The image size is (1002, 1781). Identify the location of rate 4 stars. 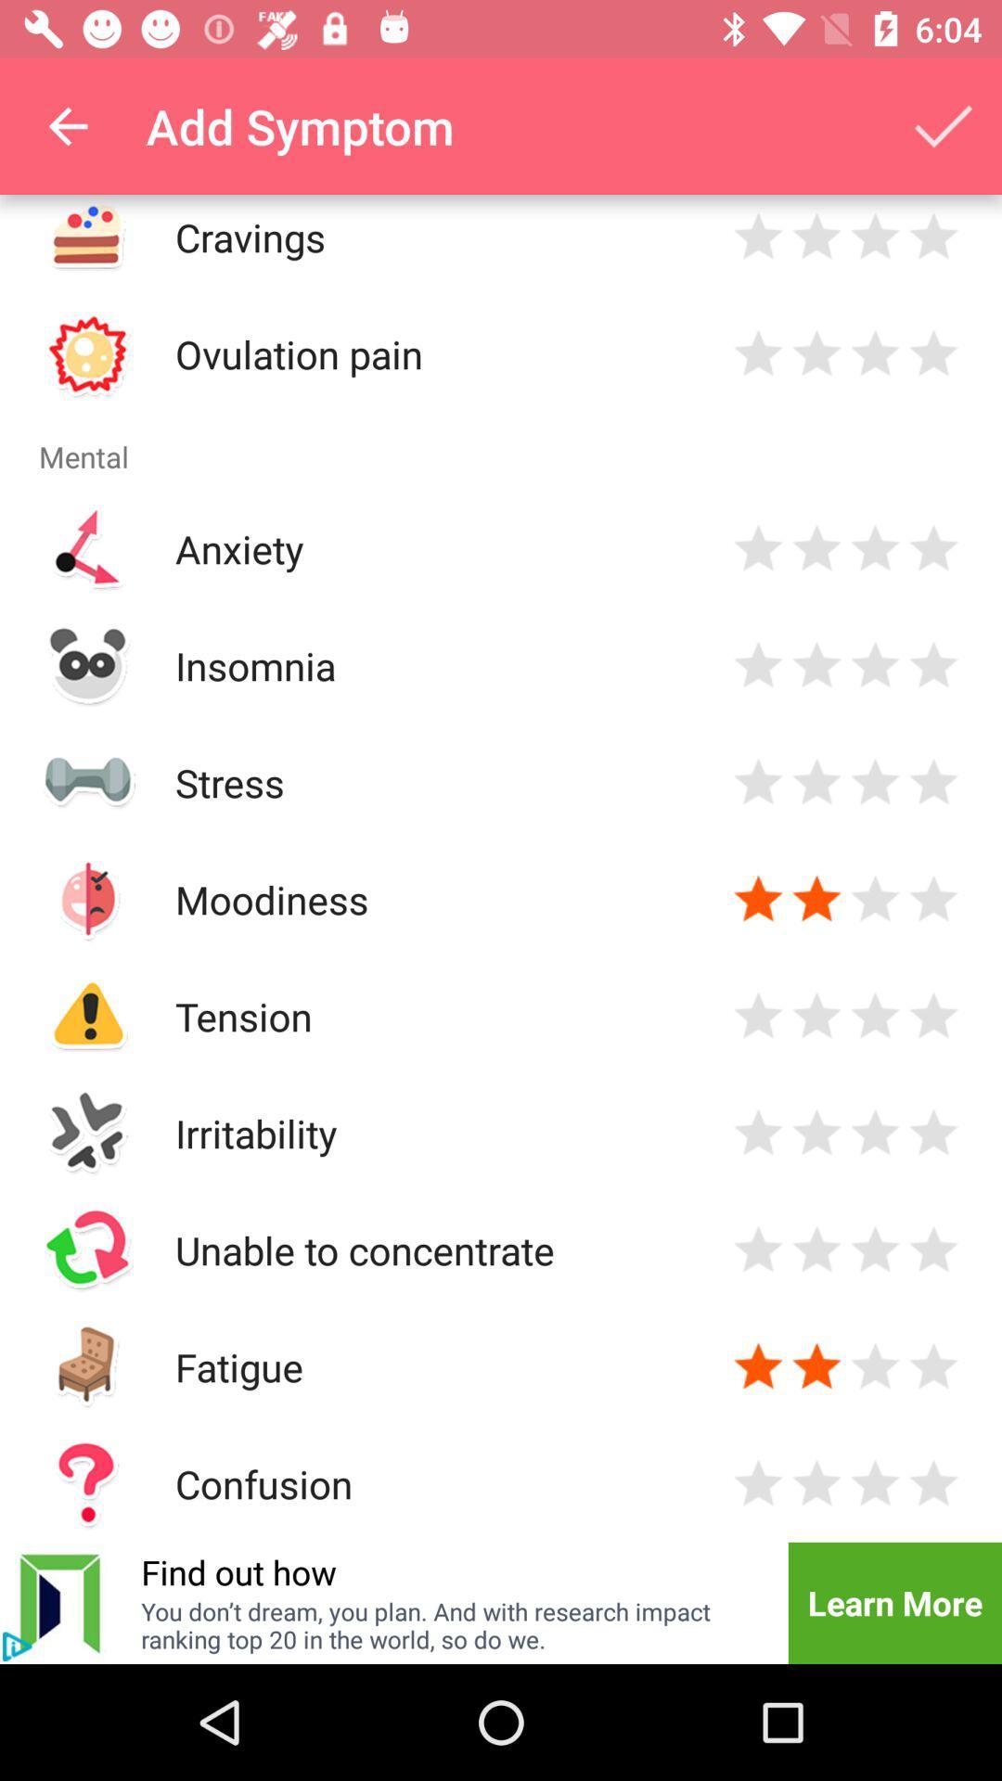
(933, 1366).